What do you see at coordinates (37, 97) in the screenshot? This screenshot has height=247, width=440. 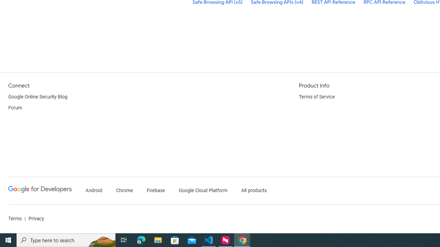 I see `'Google Online Security Blog'` at bounding box center [37, 97].